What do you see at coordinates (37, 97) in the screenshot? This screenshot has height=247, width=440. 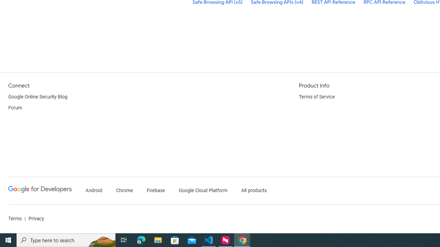 I see `'Google Online Security Blog'` at bounding box center [37, 97].